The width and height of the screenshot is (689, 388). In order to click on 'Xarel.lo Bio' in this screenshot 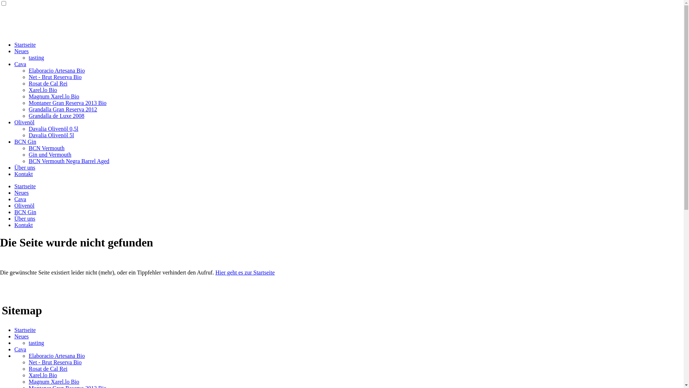, I will do `click(42, 89)`.